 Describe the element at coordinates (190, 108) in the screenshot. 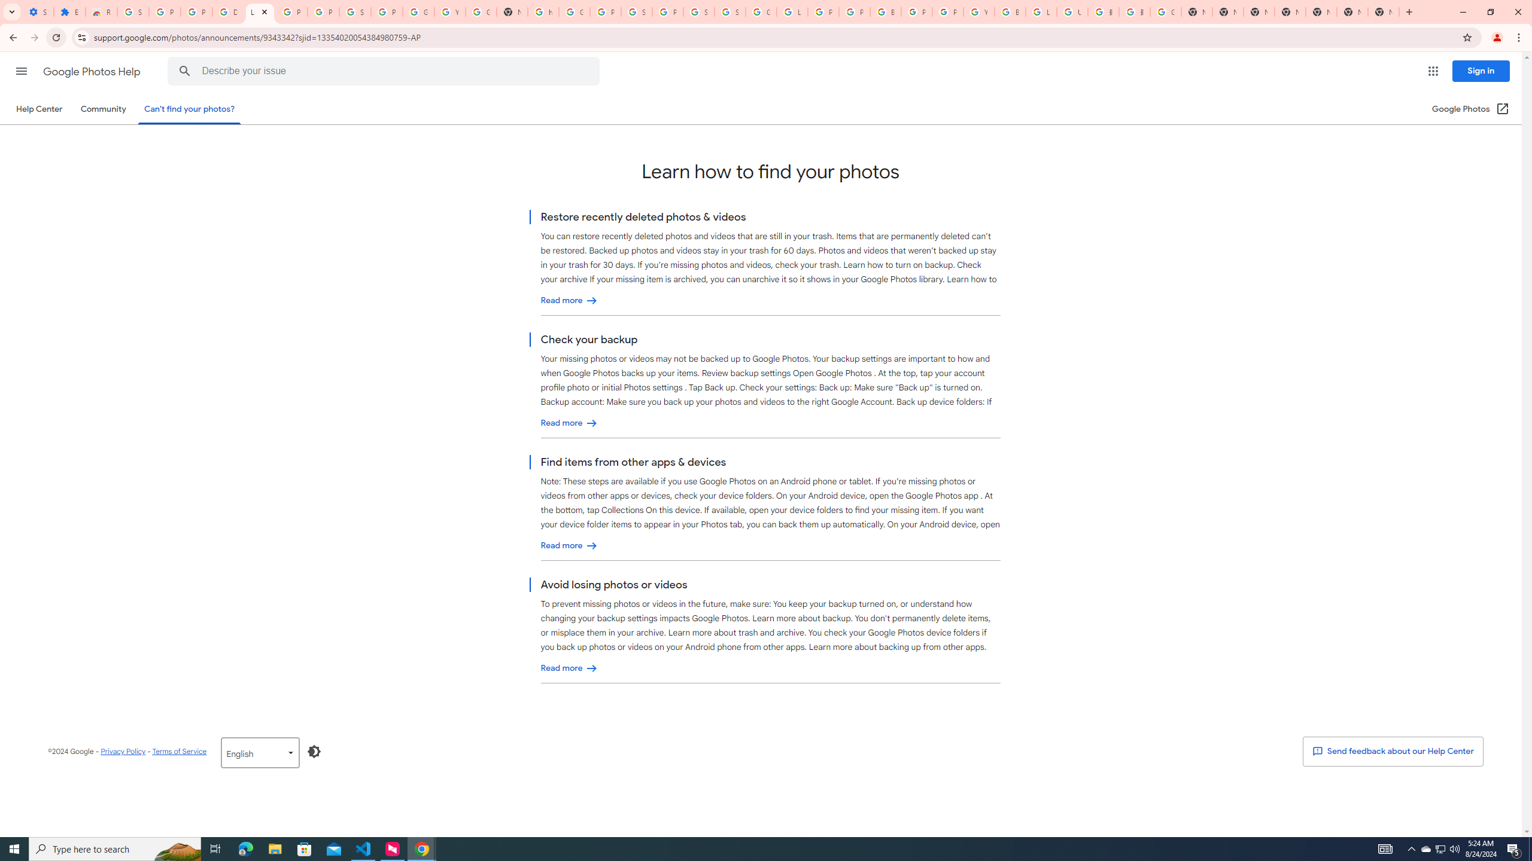

I see `'Can'` at that location.